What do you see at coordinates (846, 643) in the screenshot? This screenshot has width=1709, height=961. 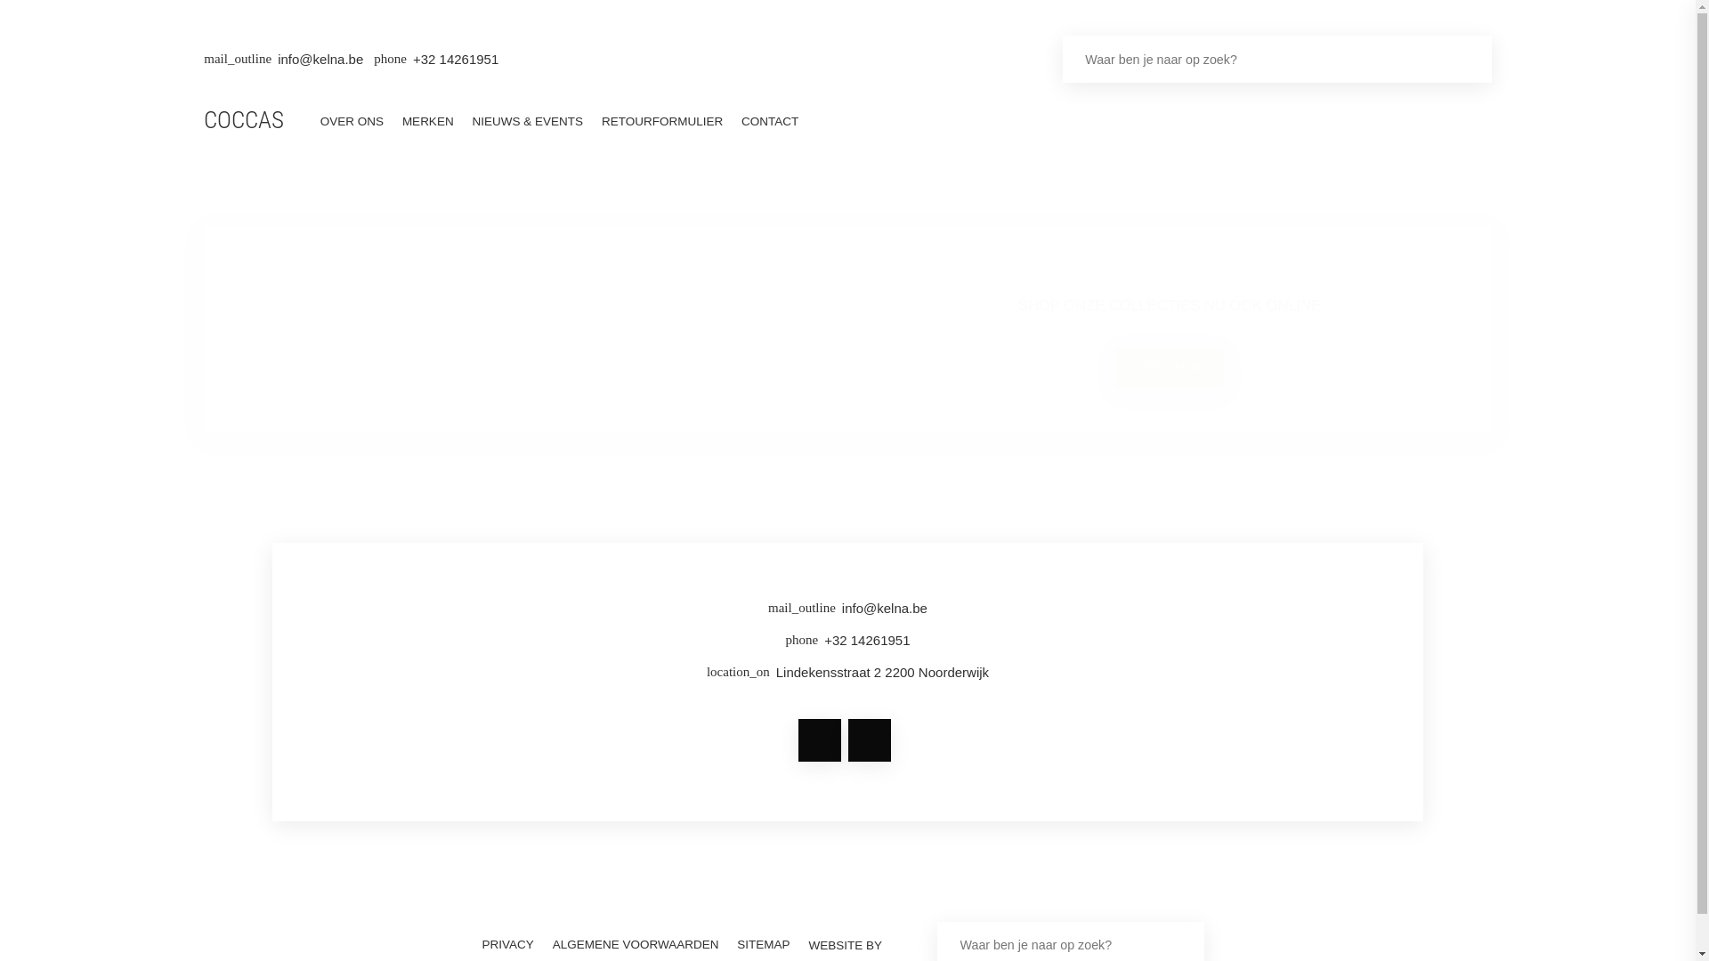 I see `'phone` at bounding box center [846, 643].